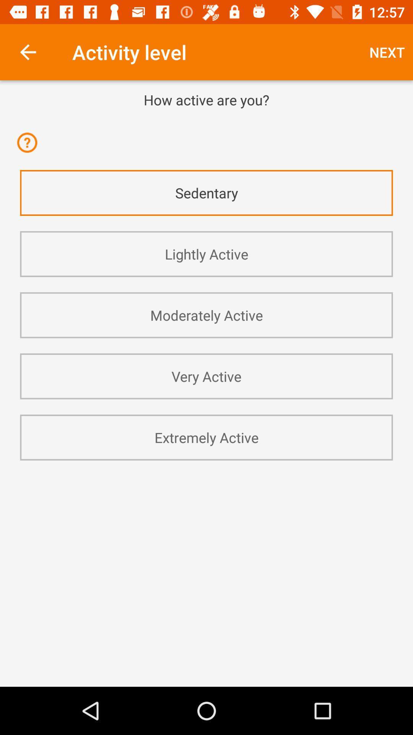  What do you see at coordinates (206, 437) in the screenshot?
I see `the extremely active icon` at bounding box center [206, 437].